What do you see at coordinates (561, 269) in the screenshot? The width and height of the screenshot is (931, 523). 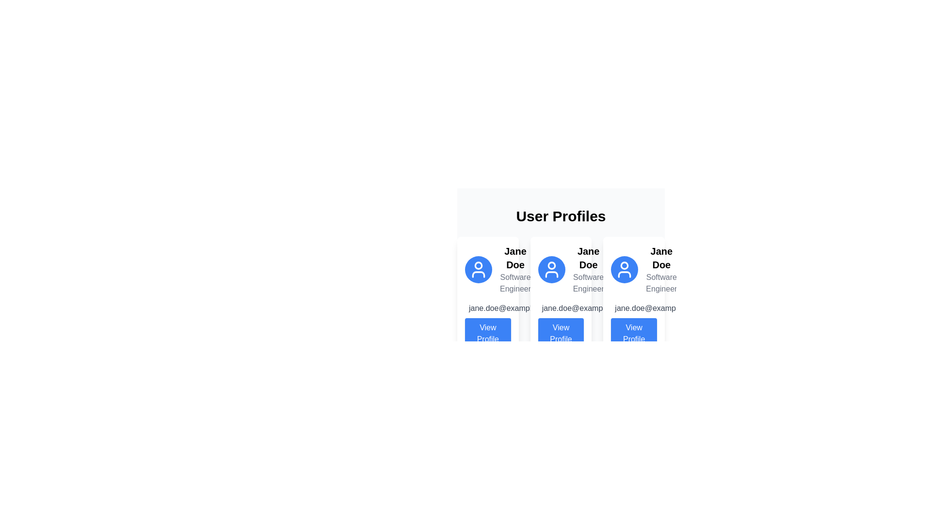 I see `the Profile Icon in the second card of the User Profiles section, which features a circular blue background with a white user icon` at bounding box center [561, 269].